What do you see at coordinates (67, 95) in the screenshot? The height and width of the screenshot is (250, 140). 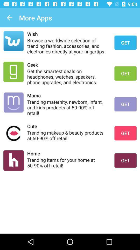 I see `the item above trending maternity newborn item` at bounding box center [67, 95].